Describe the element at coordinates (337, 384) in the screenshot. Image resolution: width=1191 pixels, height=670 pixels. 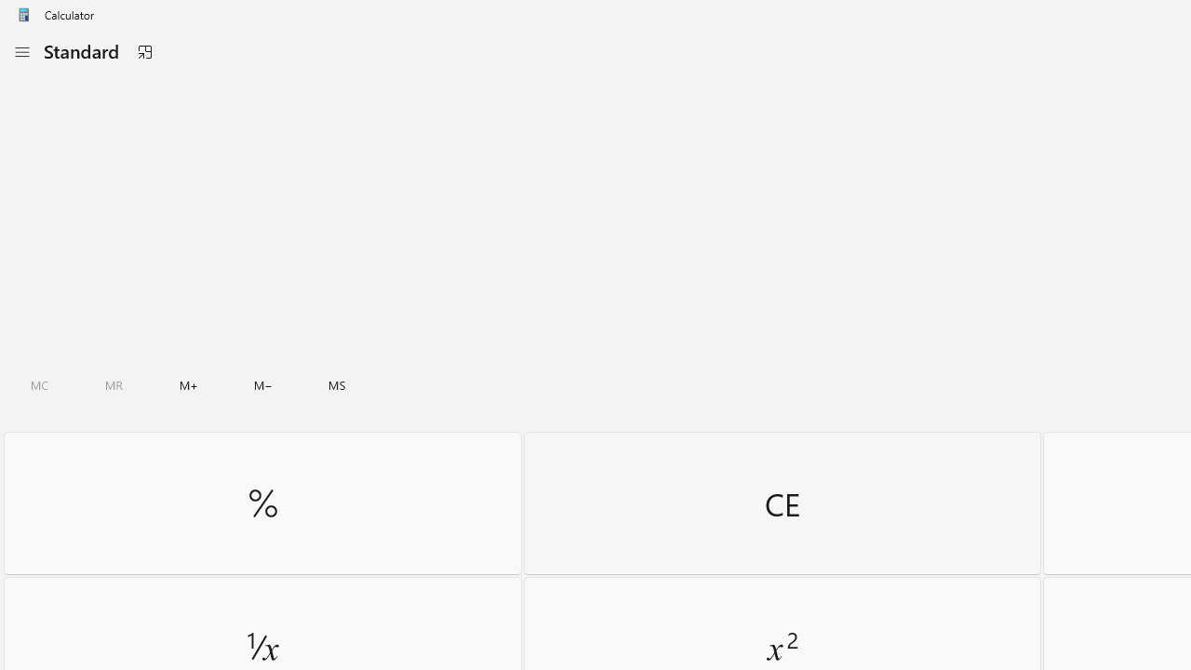
I see `'Memory store'` at that location.